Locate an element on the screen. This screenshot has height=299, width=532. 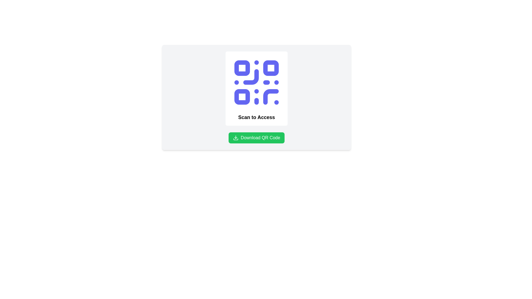
the first rounded square in the QR code graphic, which is positioned at the top-left corner of the QR code structure is located at coordinates (242, 68).